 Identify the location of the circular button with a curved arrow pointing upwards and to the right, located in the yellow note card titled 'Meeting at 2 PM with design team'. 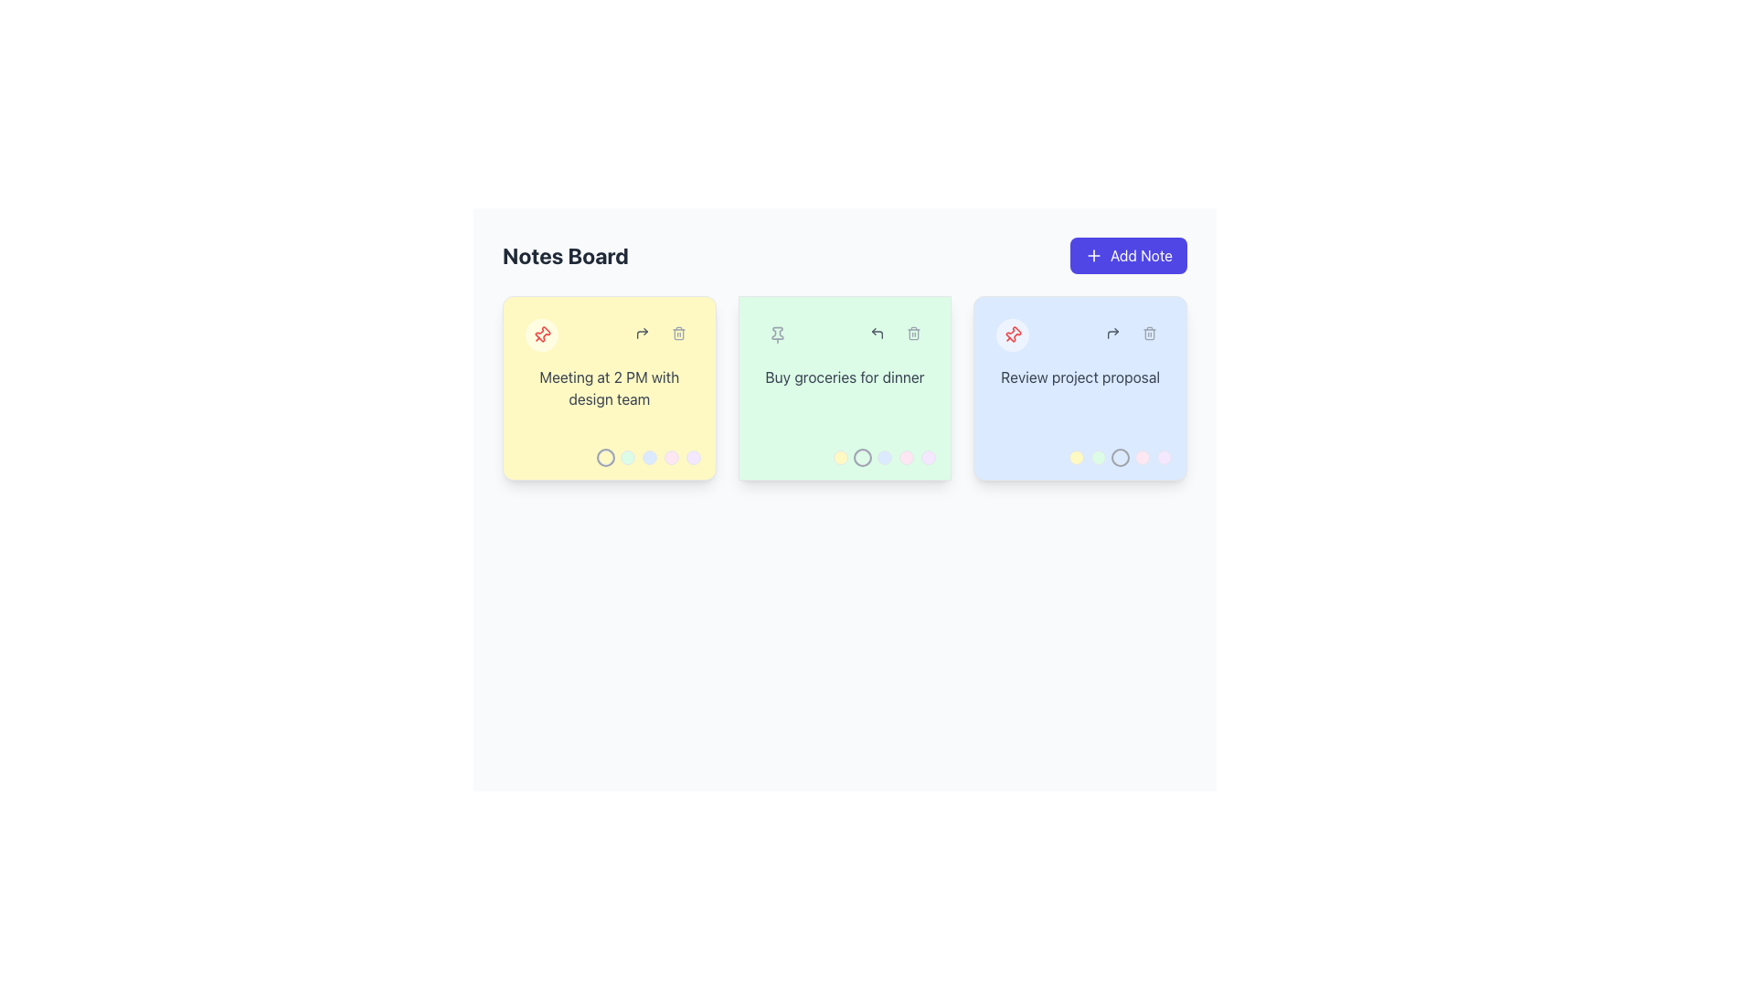
(642, 334).